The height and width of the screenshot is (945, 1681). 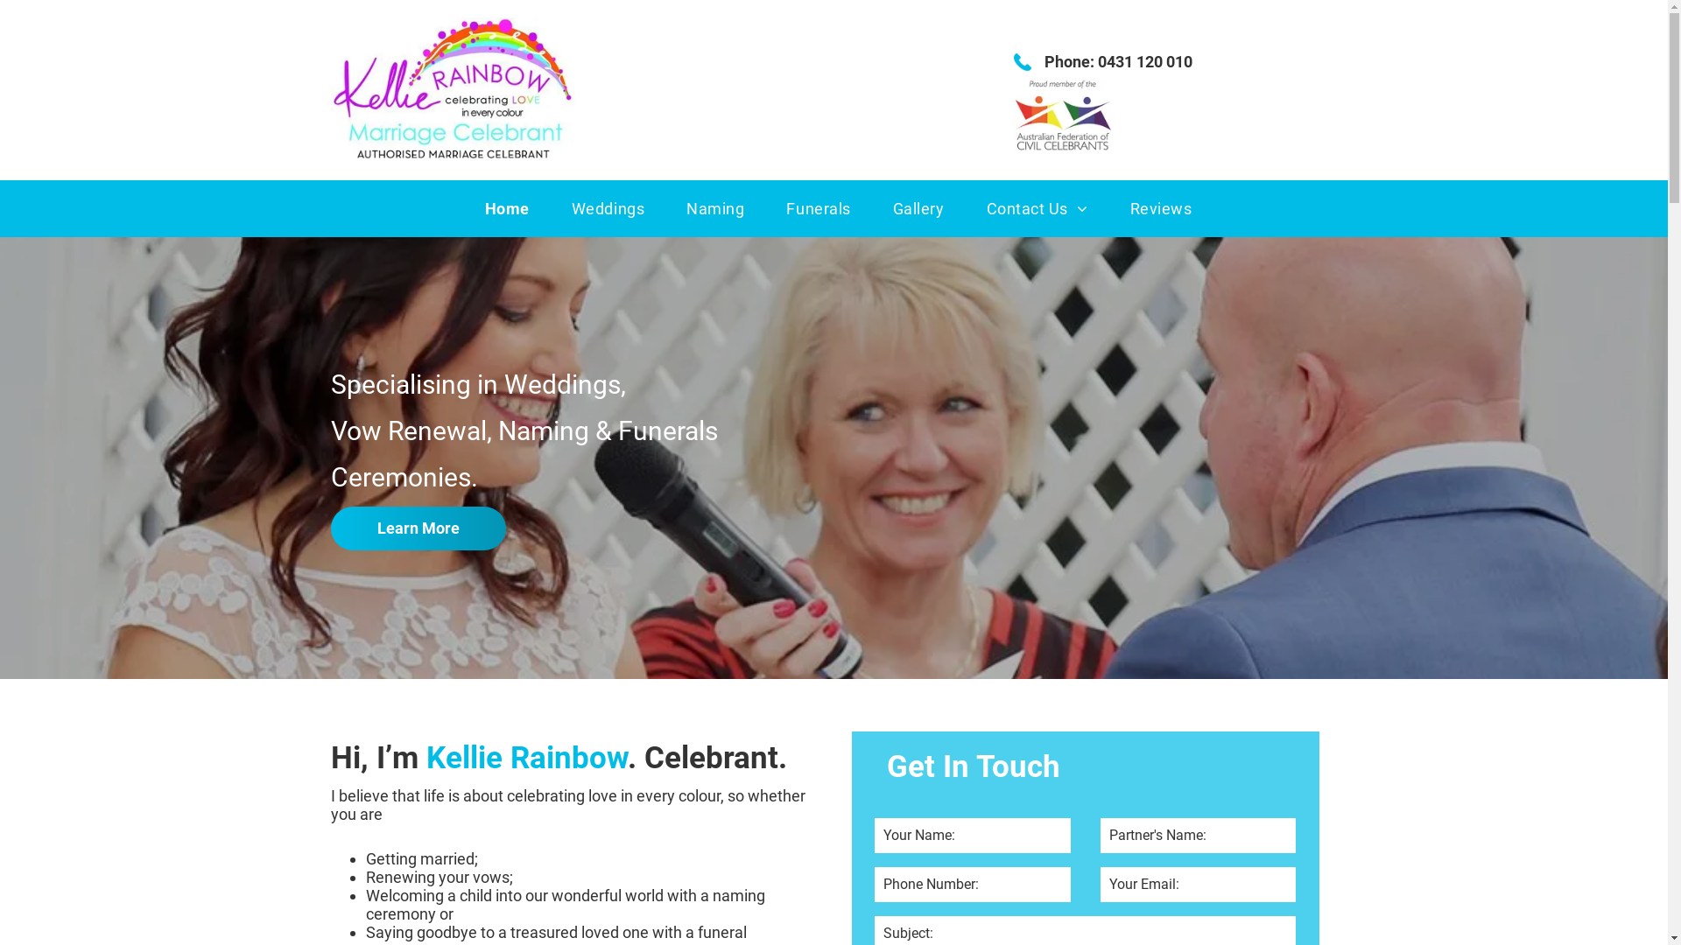 I want to click on 'Home', so click(x=506, y=207).